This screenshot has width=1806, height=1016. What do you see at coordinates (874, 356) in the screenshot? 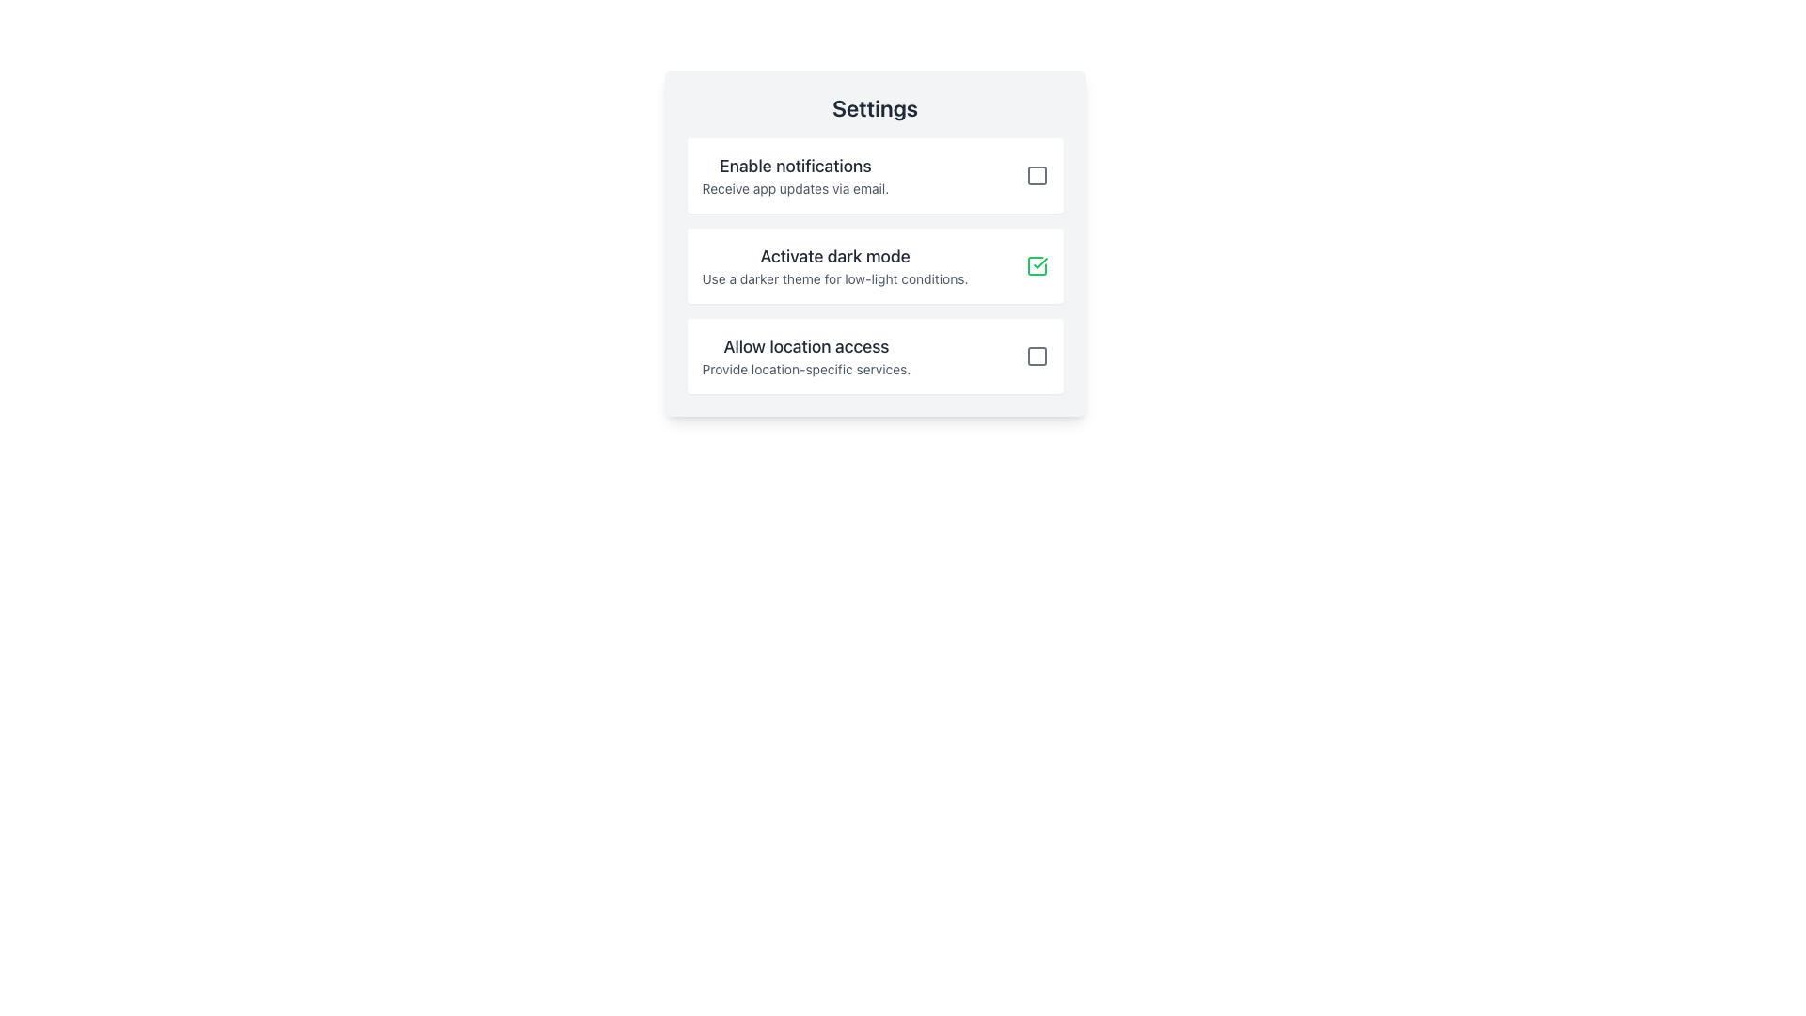
I see `the checkbox for the location-specific services setting option` at bounding box center [874, 356].